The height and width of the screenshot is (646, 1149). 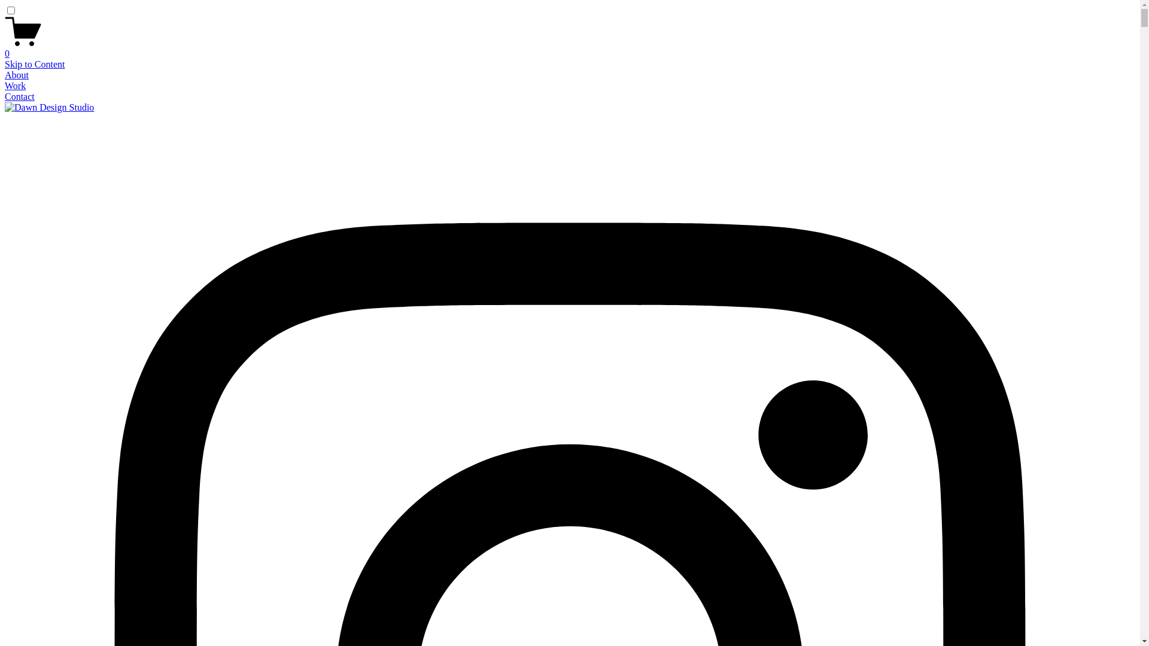 What do you see at coordinates (20, 96) in the screenshot?
I see `'Contact'` at bounding box center [20, 96].